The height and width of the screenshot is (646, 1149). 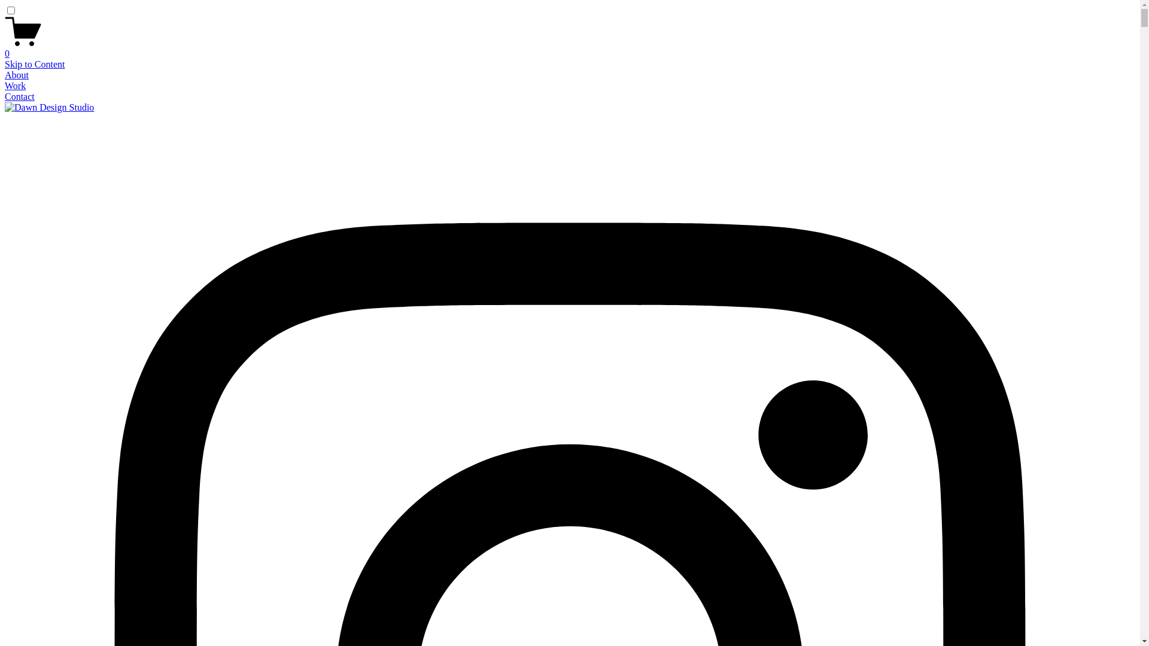 What do you see at coordinates (20, 96) in the screenshot?
I see `'Contact'` at bounding box center [20, 96].